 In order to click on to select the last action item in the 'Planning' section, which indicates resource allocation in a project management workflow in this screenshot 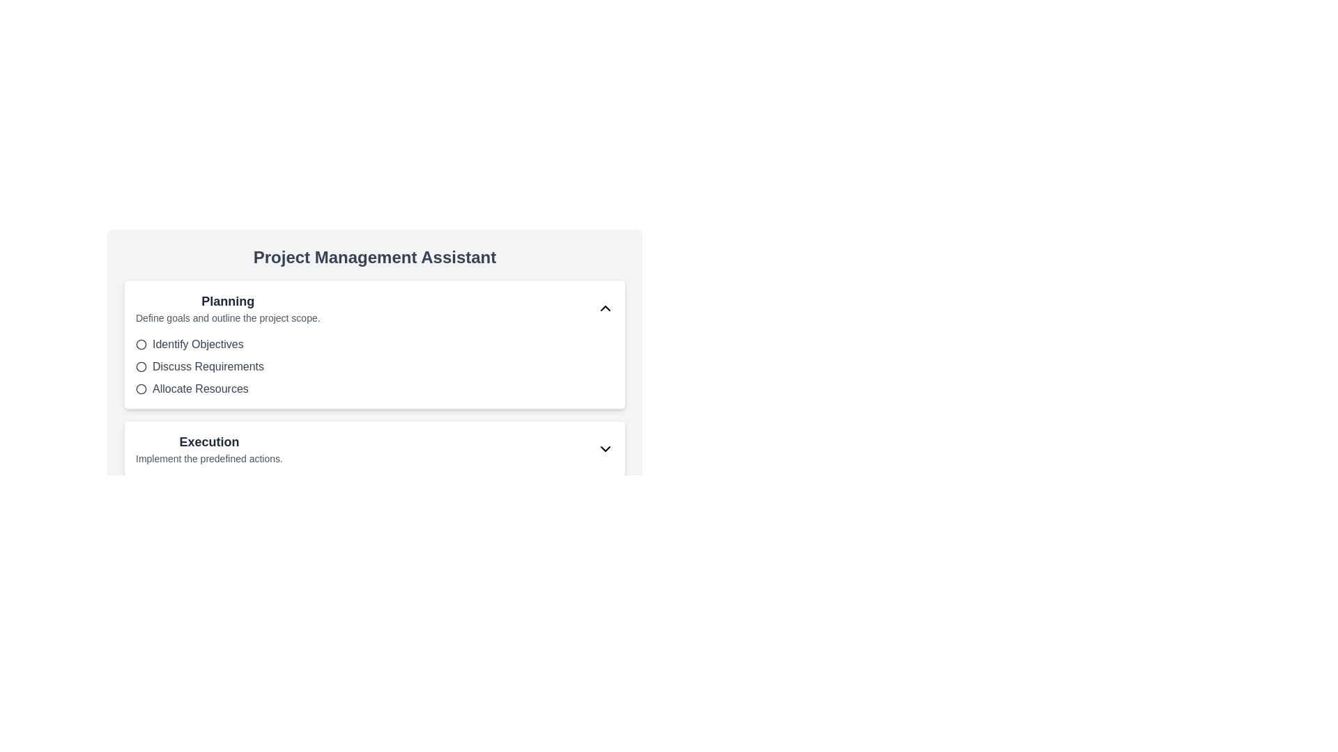, I will do `click(374, 389)`.